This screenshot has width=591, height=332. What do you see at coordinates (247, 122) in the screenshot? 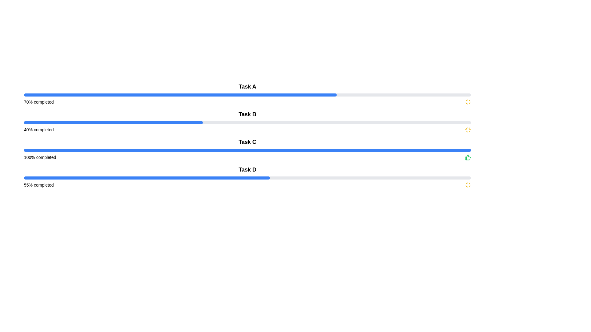
I see `the progress bar indicating 40% completion located under the text 'Task B' in the task list` at bounding box center [247, 122].